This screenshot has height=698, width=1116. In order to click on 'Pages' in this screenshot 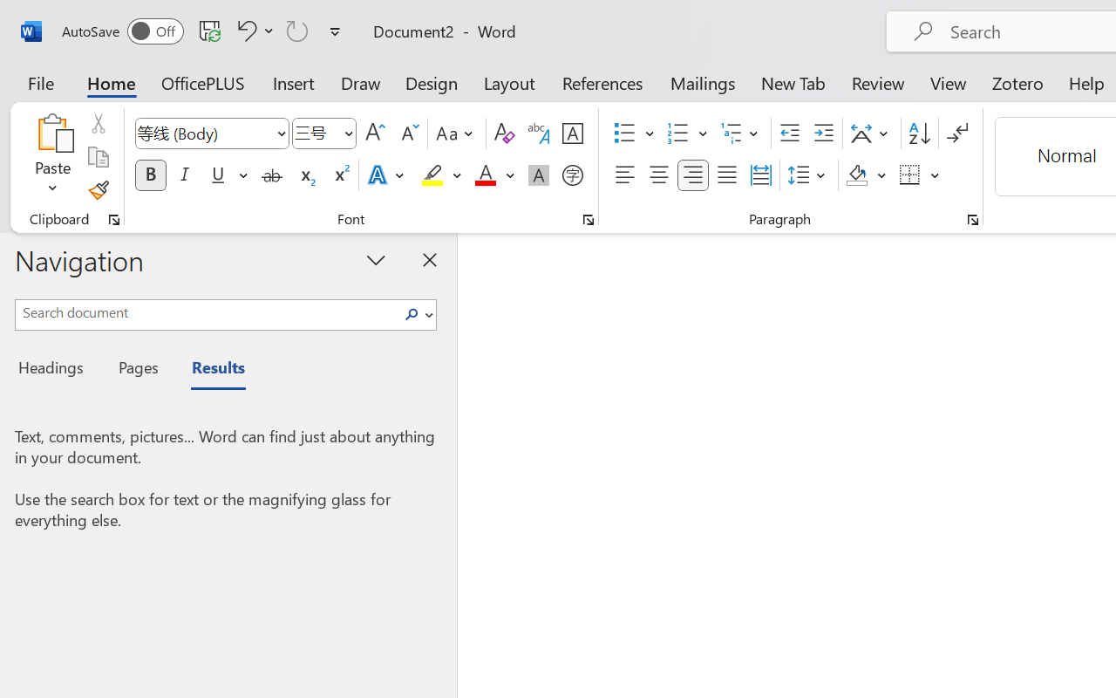, I will do `click(135, 370)`.